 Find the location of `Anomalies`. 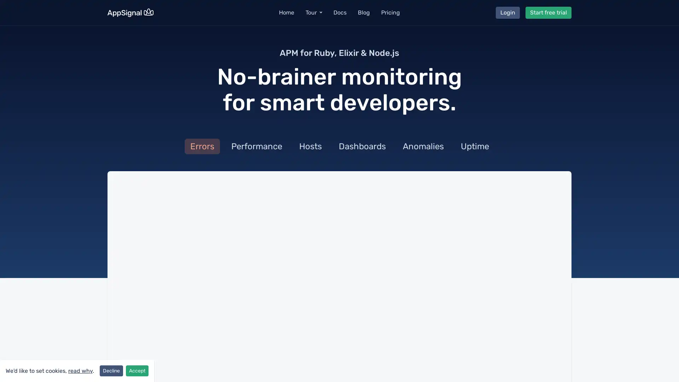

Anomalies is located at coordinates (423, 145).